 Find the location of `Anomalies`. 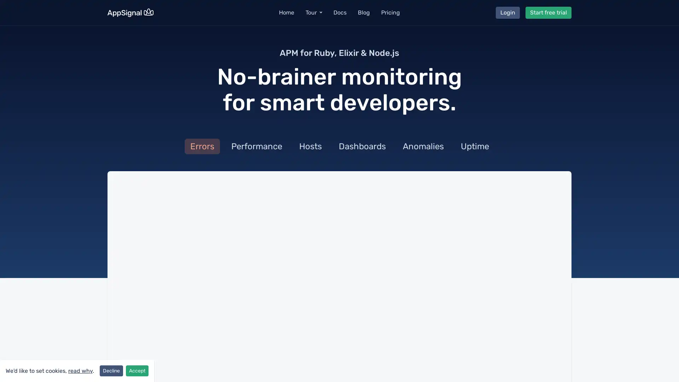

Anomalies is located at coordinates (423, 145).